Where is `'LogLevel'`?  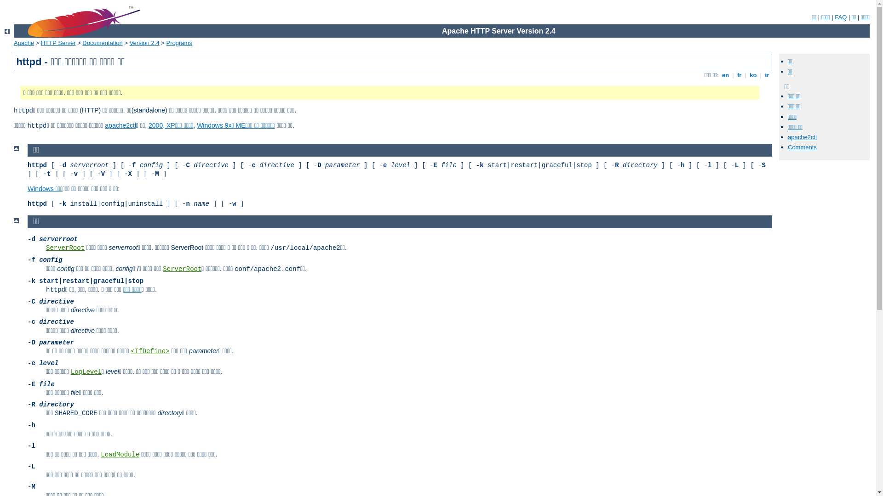
'LogLevel' is located at coordinates (86, 372).